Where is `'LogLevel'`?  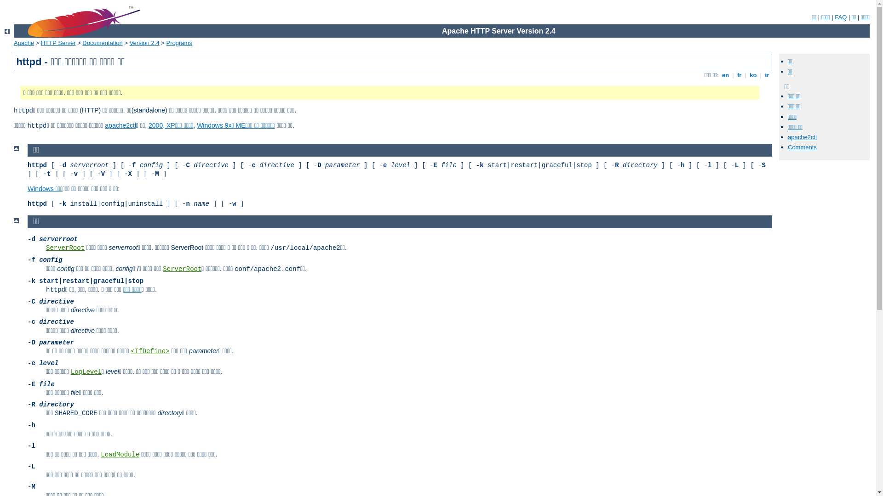
'LogLevel' is located at coordinates (86, 372).